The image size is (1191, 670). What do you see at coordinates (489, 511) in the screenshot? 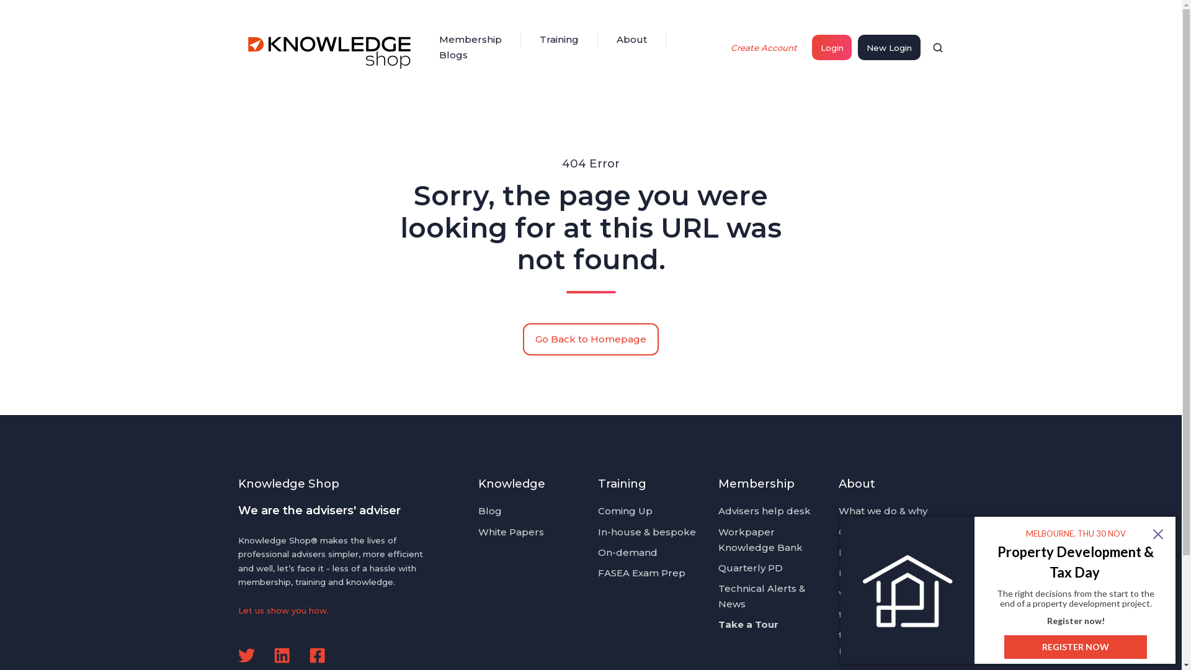
I see `'Blog'` at bounding box center [489, 511].